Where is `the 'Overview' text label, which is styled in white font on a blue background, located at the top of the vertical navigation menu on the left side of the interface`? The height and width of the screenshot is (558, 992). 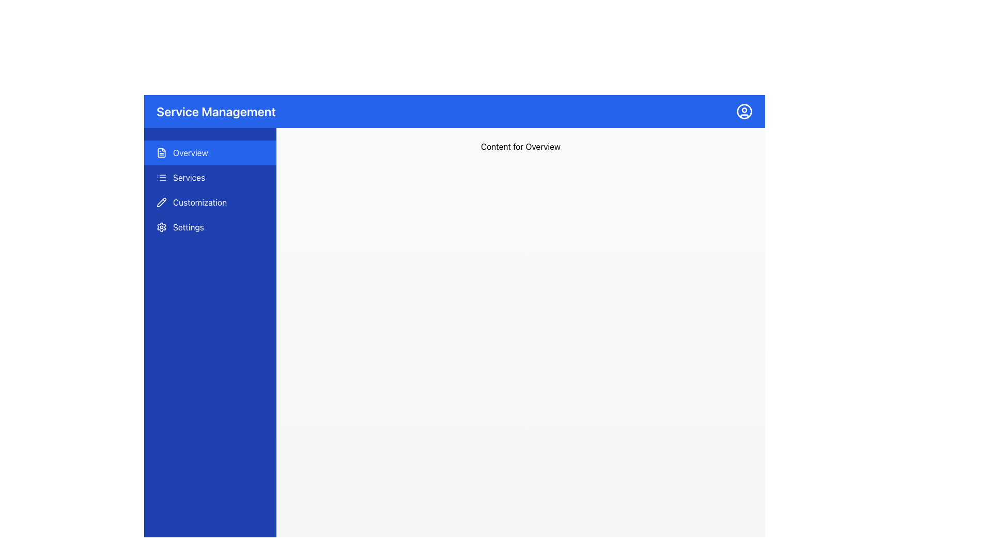 the 'Overview' text label, which is styled in white font on a blue background, located at the top of the vertical navigation menu on the left side of the interface is located at coordinates (190, 153).